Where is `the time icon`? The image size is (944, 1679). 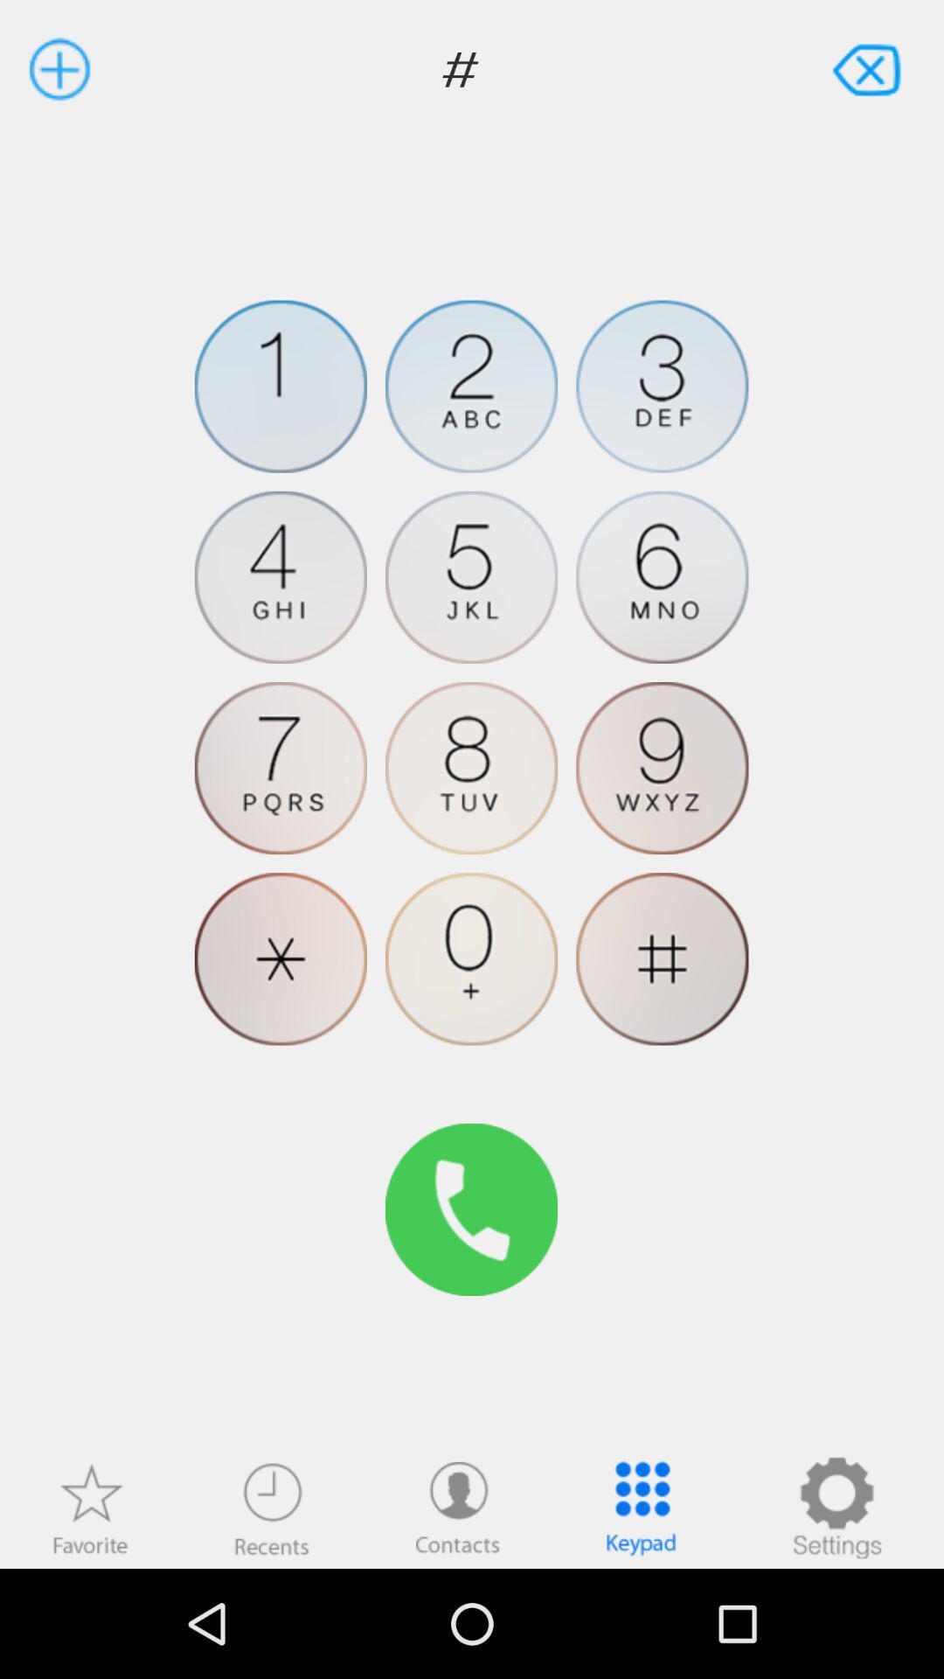 the time icon is located at coordinates (272, 1613).